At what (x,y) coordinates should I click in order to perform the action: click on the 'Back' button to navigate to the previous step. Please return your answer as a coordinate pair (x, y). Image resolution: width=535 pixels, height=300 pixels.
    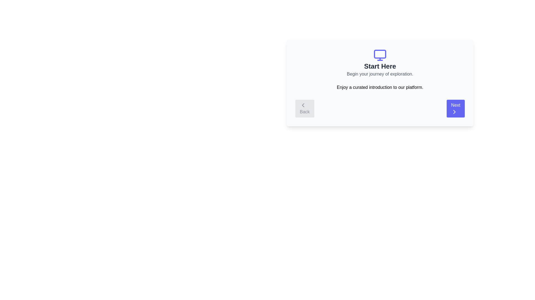
    Looking at the image, I should click on (304, 108).